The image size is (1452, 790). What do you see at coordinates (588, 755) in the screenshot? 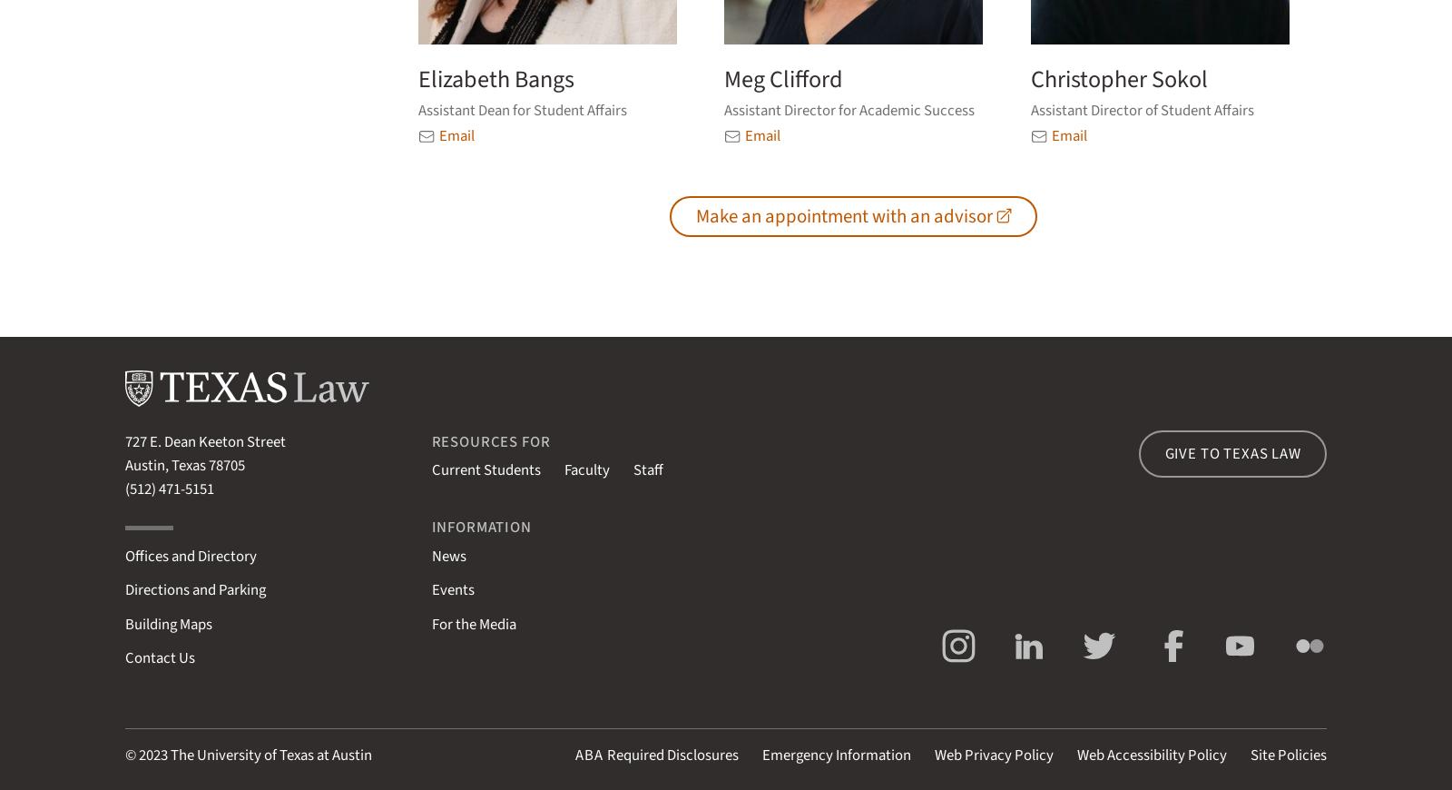
I see `'ABA'` at bounding box center [588, 755].